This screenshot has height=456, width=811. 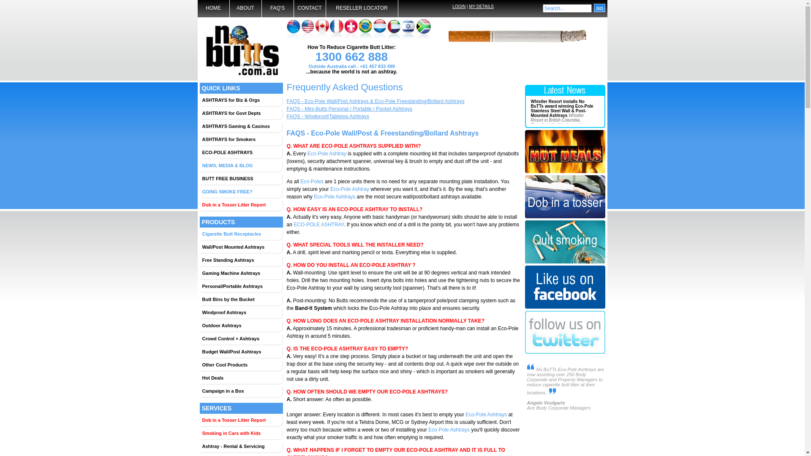 I want to click on 'Budget Wall/Post Ashtrays', so click(x=241, y=352).